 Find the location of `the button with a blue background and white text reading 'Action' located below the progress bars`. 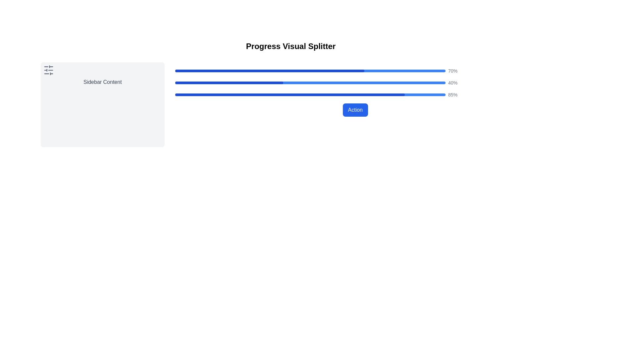

the button with a blue background and white text reading 'Action' located below the progress bars is located at coordinates (355, 109).